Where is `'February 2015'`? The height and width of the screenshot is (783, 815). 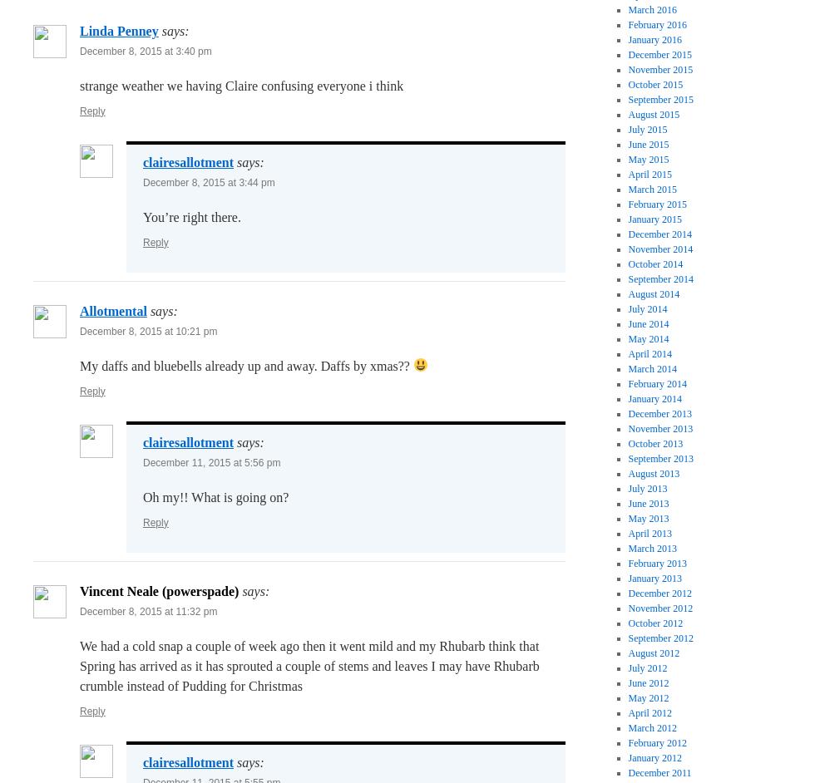
'February 2015' is located at coordinates (656, 203).